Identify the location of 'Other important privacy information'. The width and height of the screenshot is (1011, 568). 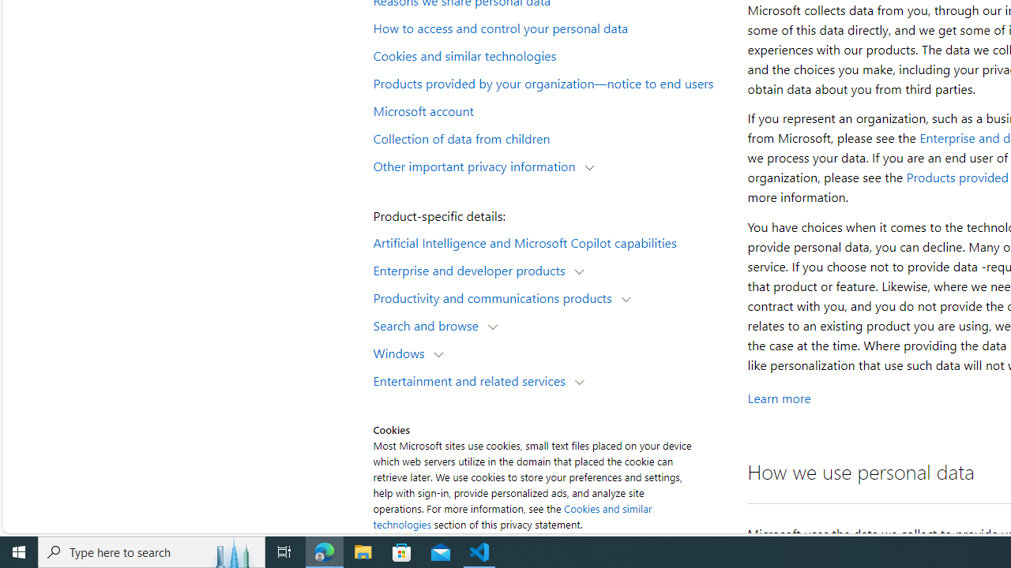
(477, 165).